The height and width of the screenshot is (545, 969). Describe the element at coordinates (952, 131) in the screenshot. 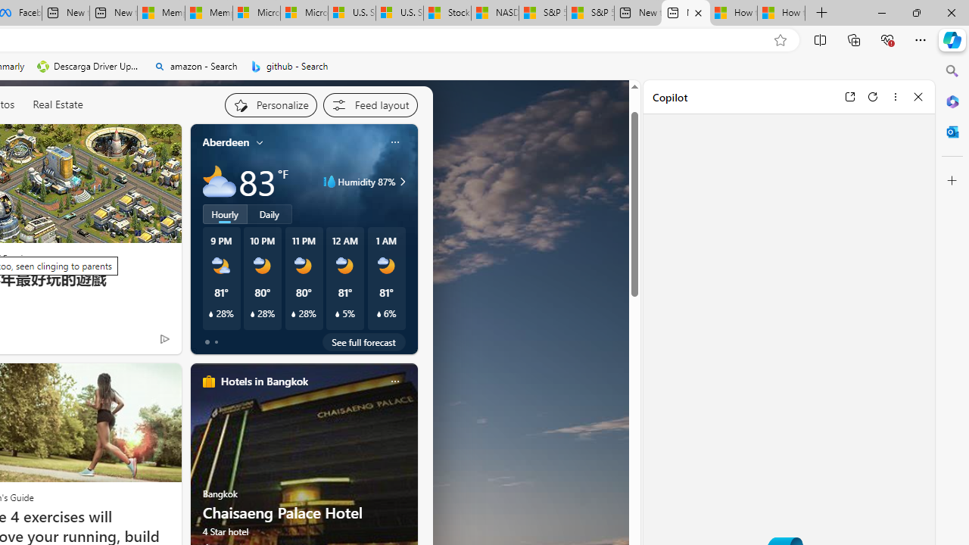

I see `'Outlook'` at that location.